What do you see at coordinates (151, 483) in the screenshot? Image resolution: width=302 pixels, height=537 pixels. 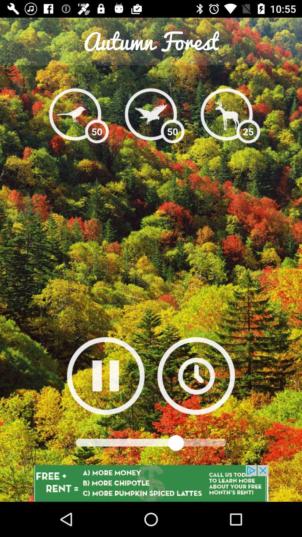 I see `advertisement` at bounding box center [151, 483].